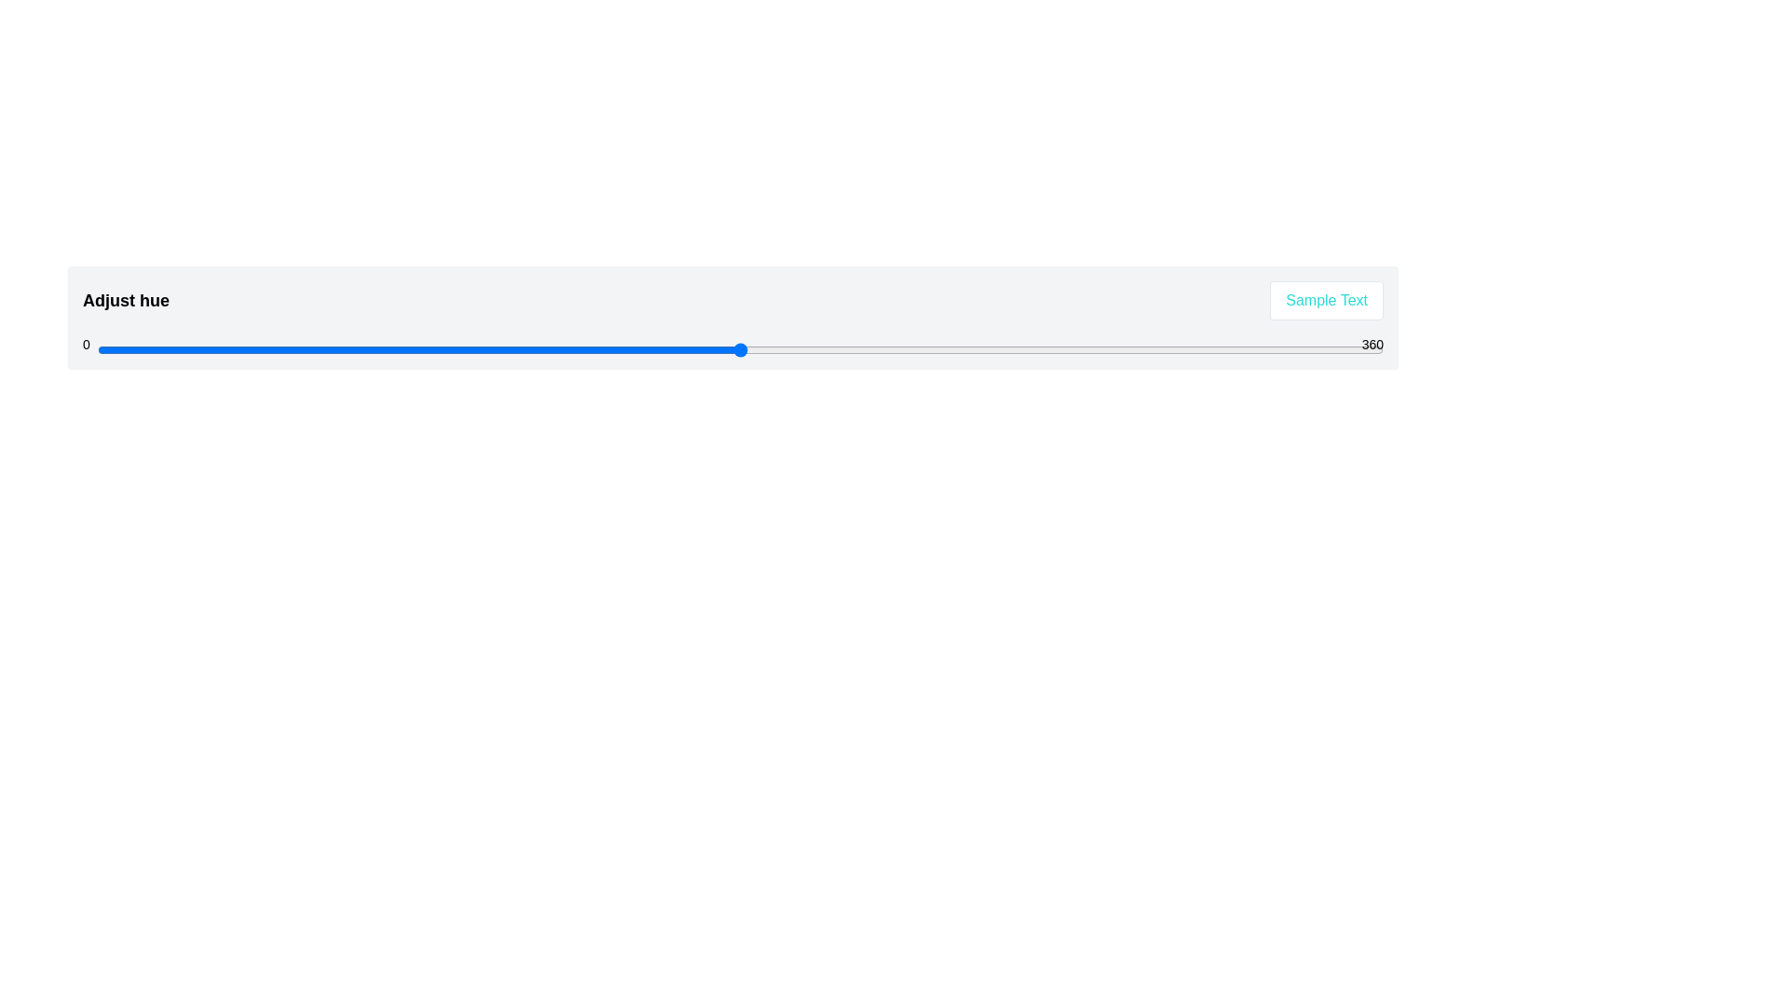  Describe the element at coordinates (700, 349) in the screenshot. I see `the hue slider to a value of 169` at that location.